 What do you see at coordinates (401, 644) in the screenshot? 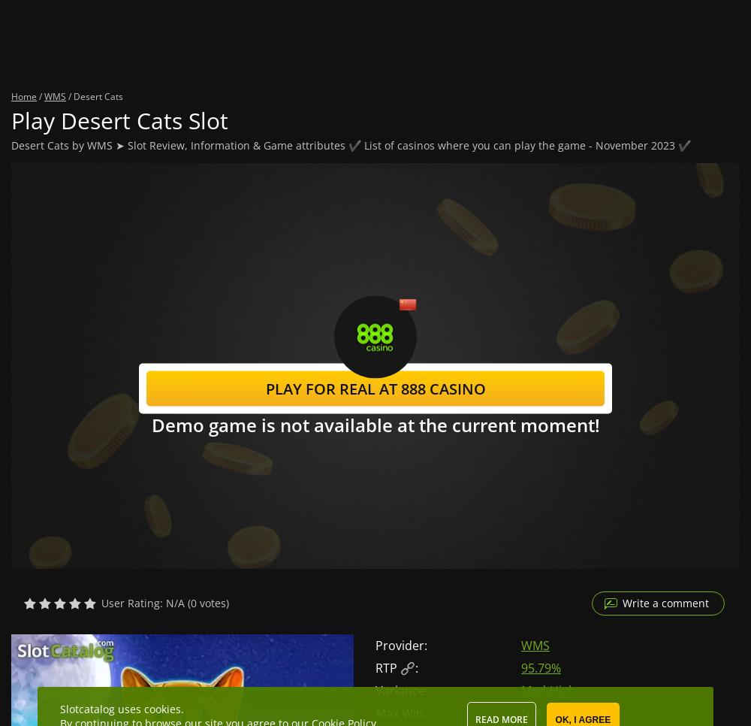
I see `'Provider:'` at bounding box center [401, 644].